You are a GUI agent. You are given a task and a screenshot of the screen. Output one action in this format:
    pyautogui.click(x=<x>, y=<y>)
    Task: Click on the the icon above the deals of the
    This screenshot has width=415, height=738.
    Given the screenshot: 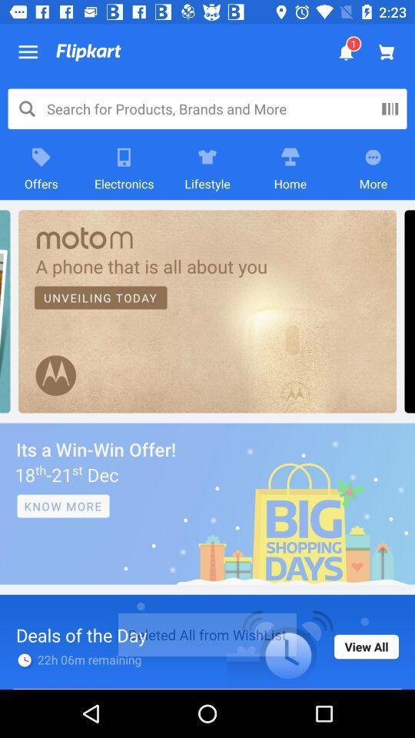 What is the action you would take?
    pyautogui.click(x=207, y=503)
    